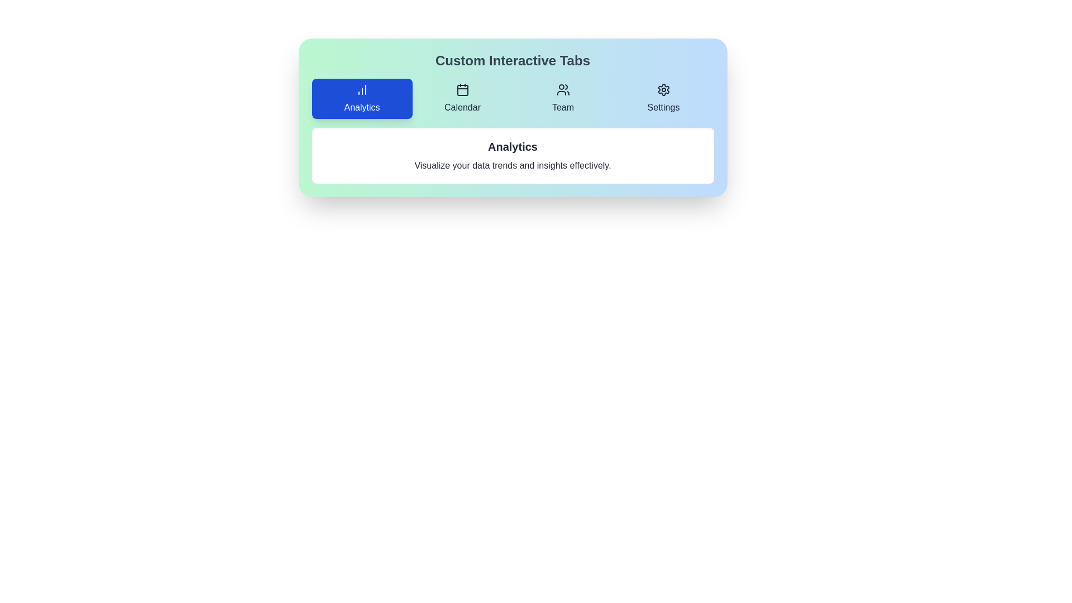 The width and height of the screenshot is (1072, 603). What do you see at coordinates (462, 89) in the screenshot?
I see `the calendar icon, which is the second item in a row of icons situated between the 'Analytics' and 'Team' icons` at bounding box center [462, 89].